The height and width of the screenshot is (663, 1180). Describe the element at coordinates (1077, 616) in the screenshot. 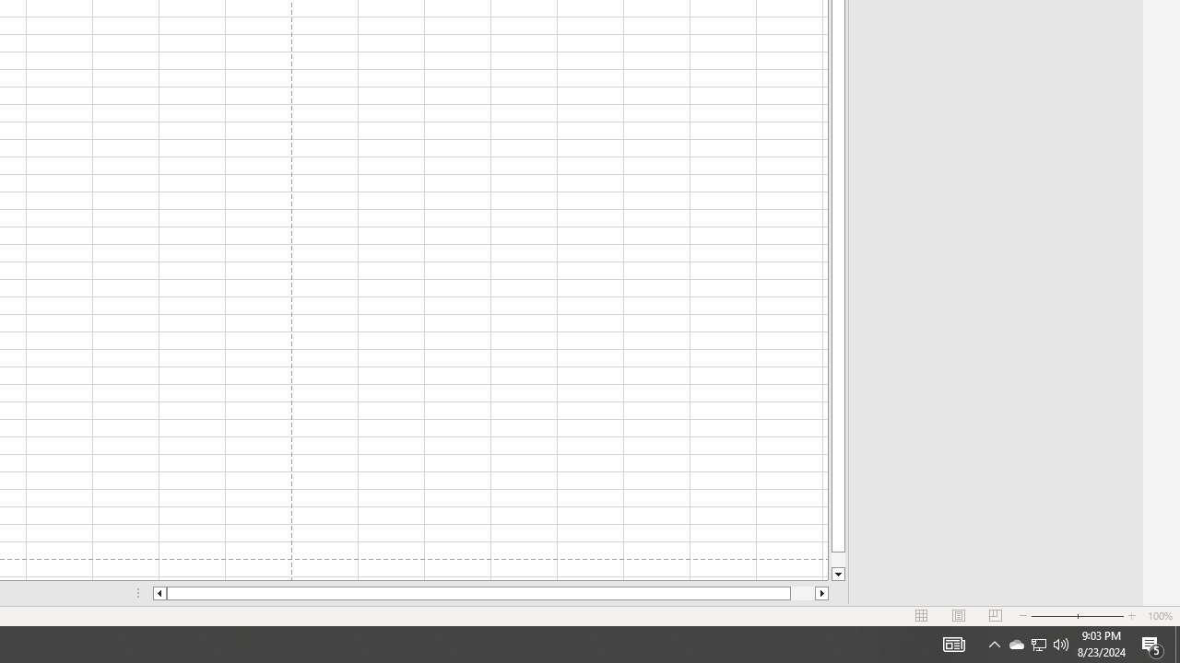

I see `'Zoom'` at that location.